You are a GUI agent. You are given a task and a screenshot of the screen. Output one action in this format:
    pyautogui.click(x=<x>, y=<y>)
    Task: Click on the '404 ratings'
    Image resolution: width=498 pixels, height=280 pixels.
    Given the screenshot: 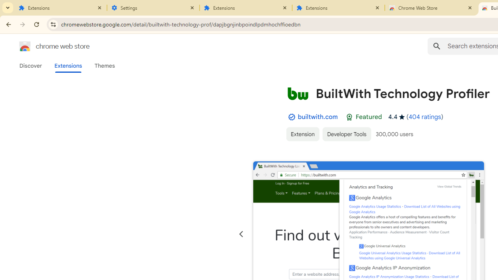 What is the action you would take?
    pyautogui.click(x=424, y=117)
    